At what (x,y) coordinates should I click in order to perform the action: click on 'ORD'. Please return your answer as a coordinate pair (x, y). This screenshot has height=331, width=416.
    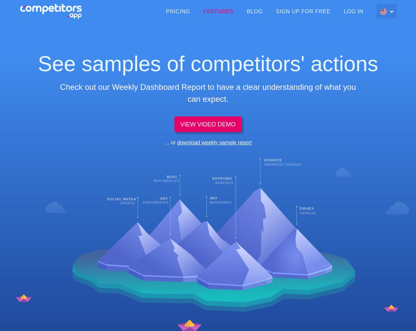
    Looking at the image, I should click on (227, 178).